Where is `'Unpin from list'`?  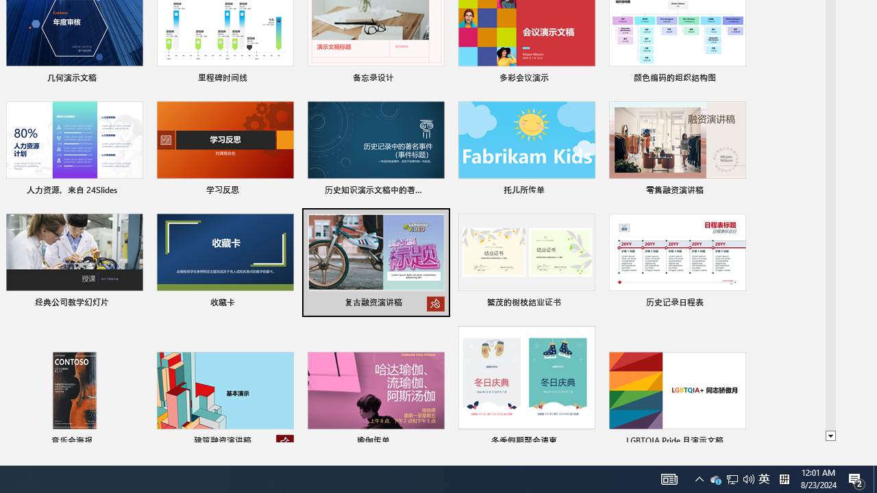 'Unpin from list' is located at coordinates (284, 442).